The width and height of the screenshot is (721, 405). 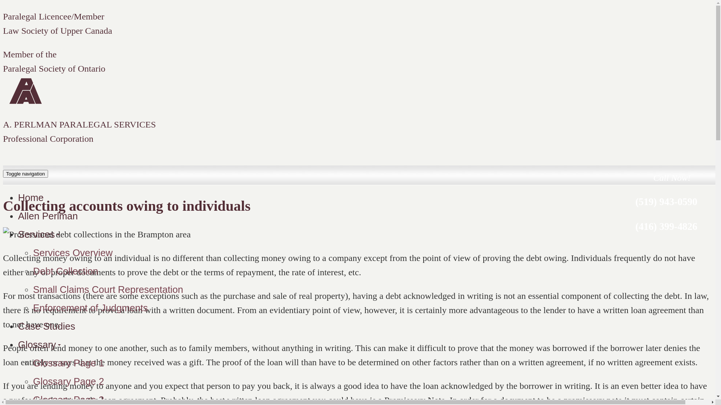 What do you see at coordinates (18, 326) in the screenshot?
I see `'Case Studies'` at bounding box center [18, 326].